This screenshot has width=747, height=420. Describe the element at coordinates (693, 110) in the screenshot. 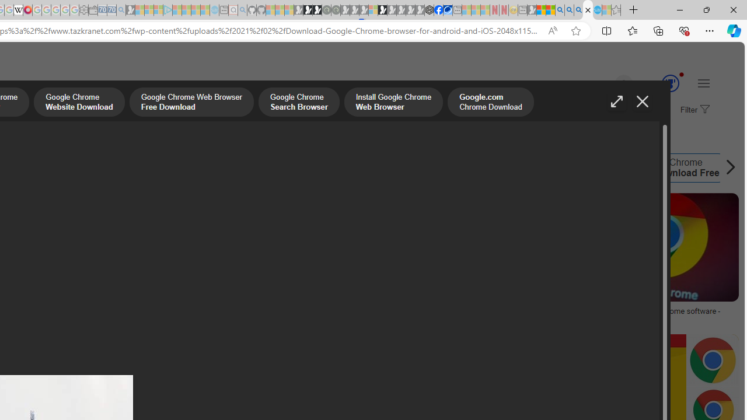

I see `'Filter'` at that location.